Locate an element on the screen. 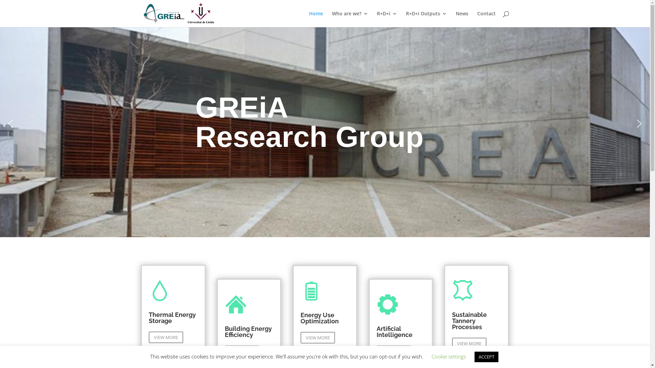 This screenshot has width=655, height=368. 'R+D+i' is located at coordinates (387, 19).